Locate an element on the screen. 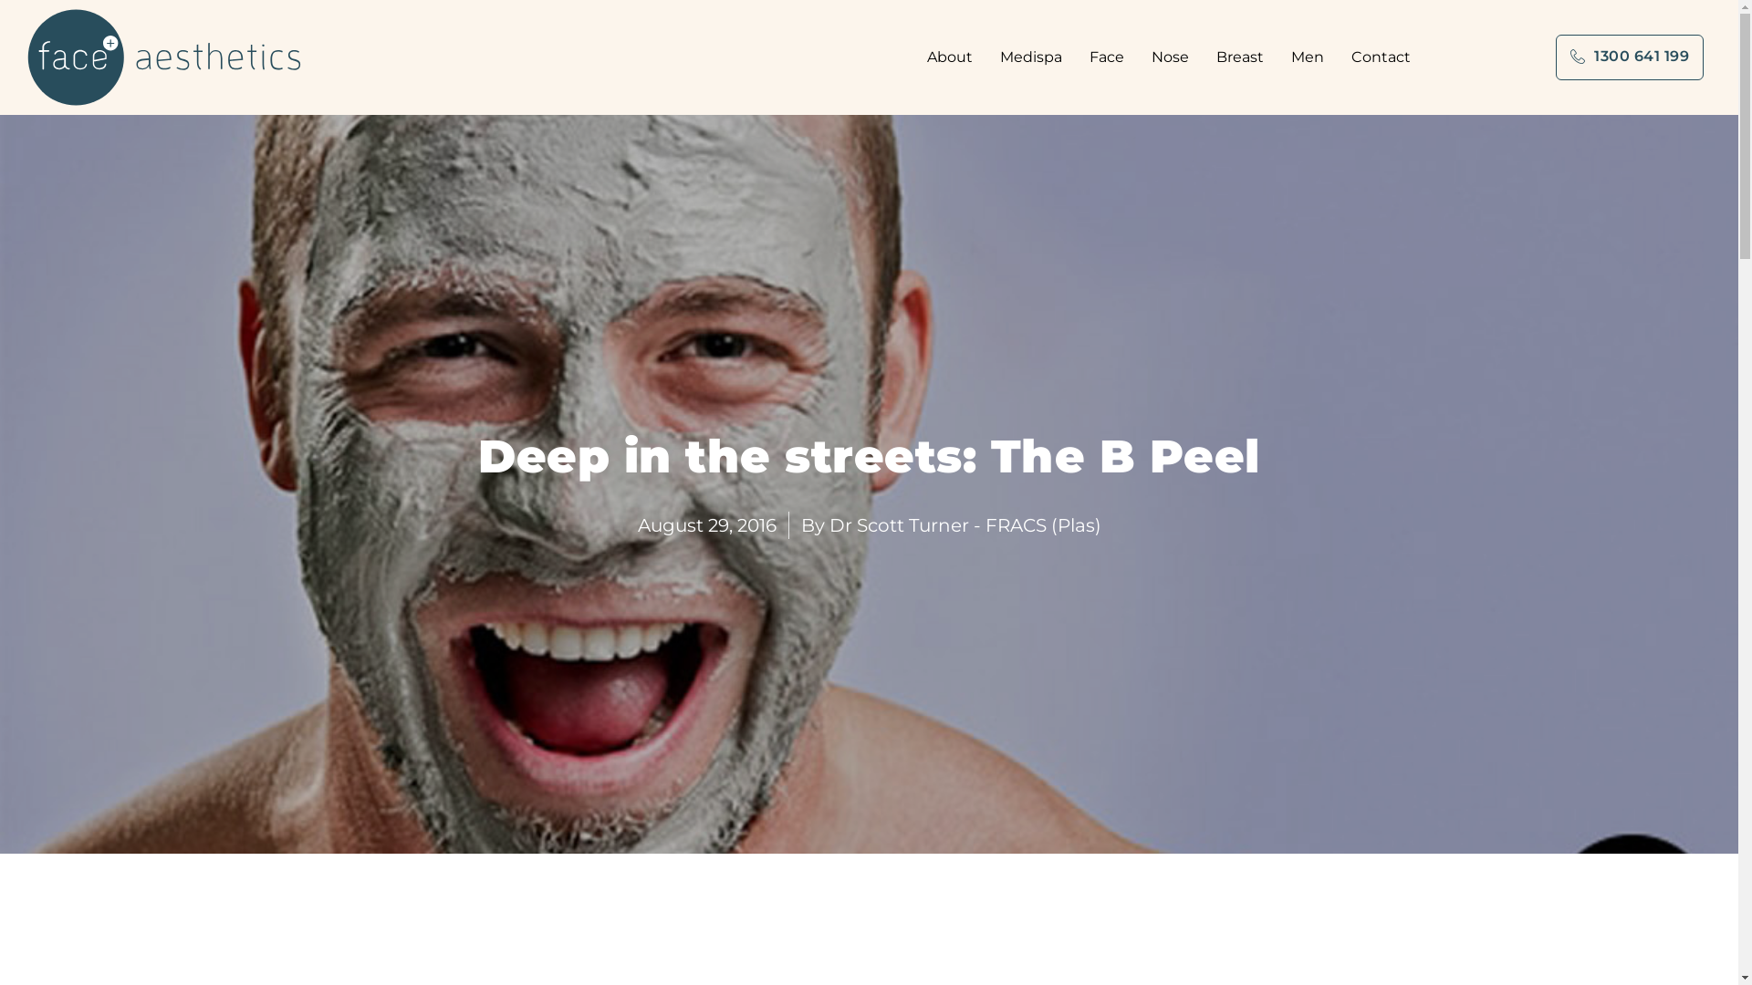 Image resolution: width=1752 pixels, height=985 pixels. 'Medispa' is located at coordinates (998, 56).